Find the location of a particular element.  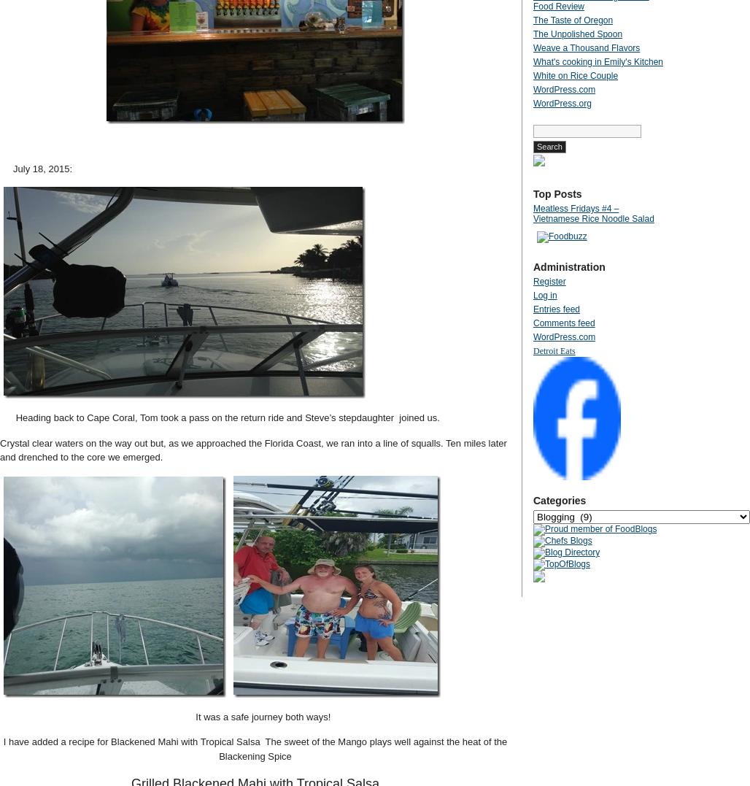

'Log in' is located at coordinates (544, 295).